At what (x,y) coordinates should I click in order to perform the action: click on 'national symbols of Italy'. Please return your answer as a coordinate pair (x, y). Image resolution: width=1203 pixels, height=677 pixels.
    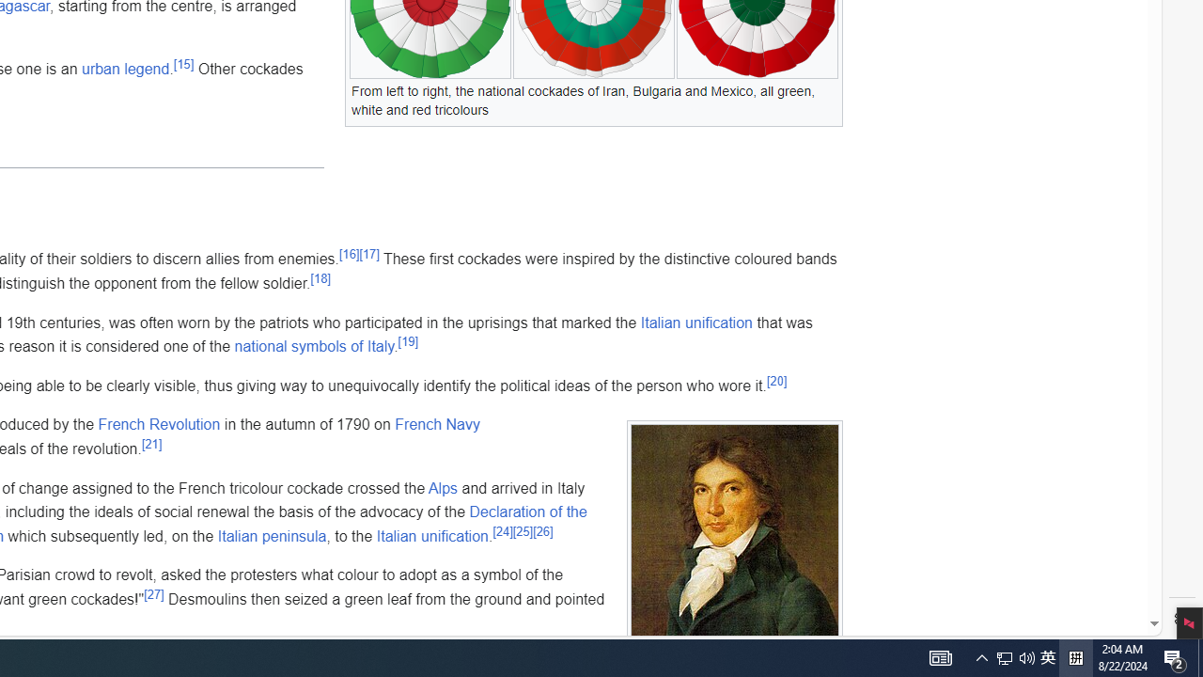
    Looking at the image, I should click on (314, 346).